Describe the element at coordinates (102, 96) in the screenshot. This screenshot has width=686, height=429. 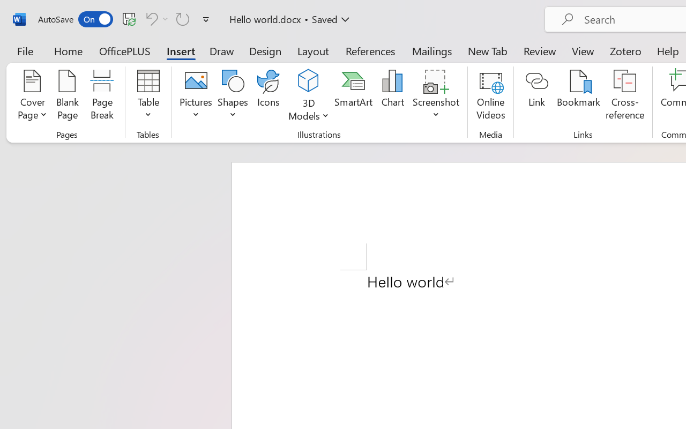
I see `'Page Break'` at that location.